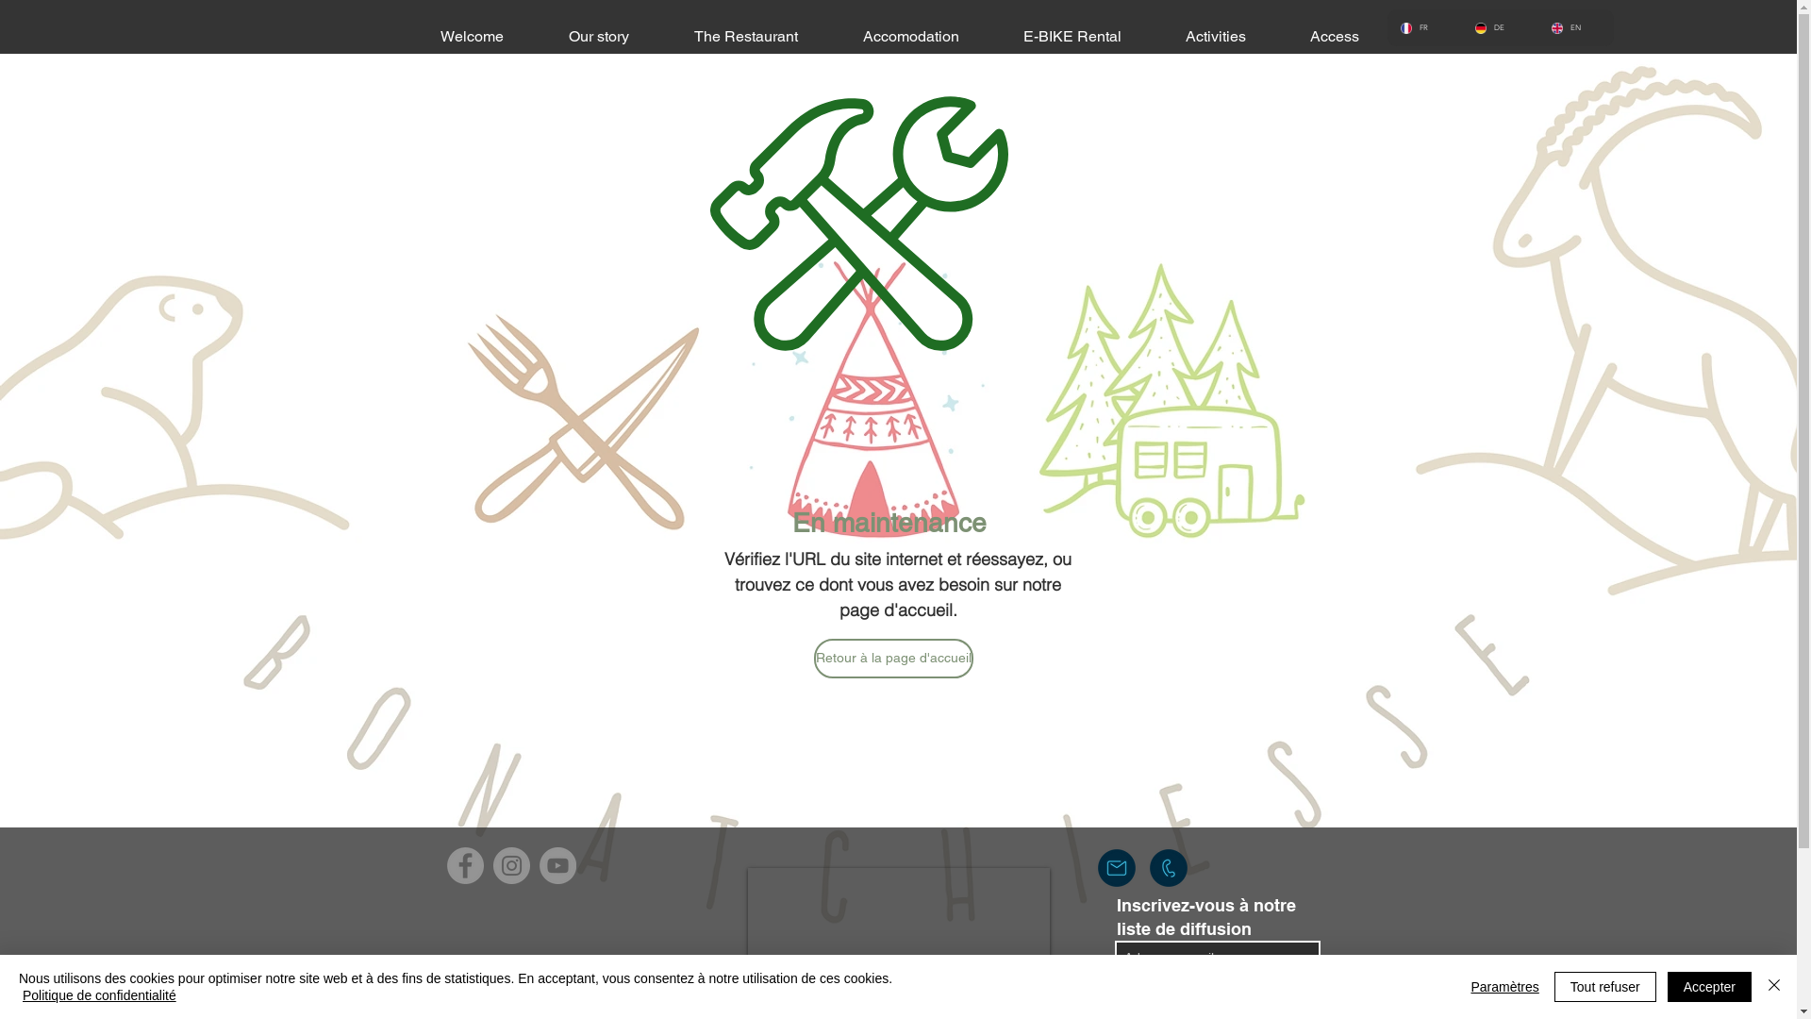 Image resolution: width=1811 pixels, height=1019 pixels. Describe the element at coordinates (1709, 985) in the screenshot. I see `'Accepter'` at that location.